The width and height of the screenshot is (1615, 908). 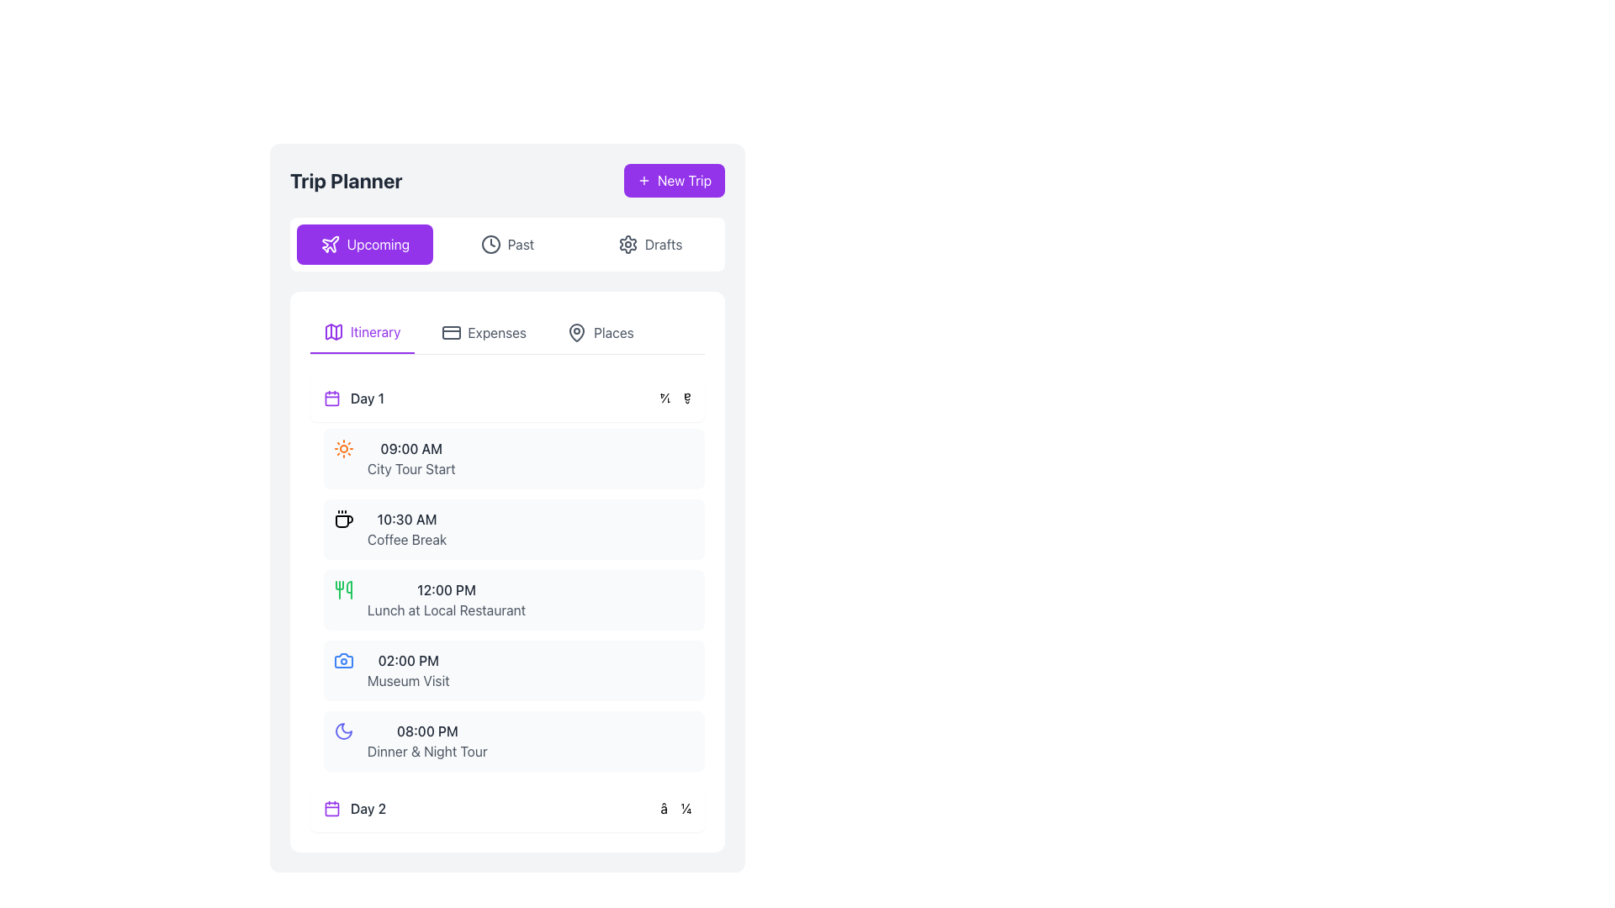 I want to click on the 'Upcoming' button, which is a rectangular button with a purple background and white text, so click(x=363, y=244).